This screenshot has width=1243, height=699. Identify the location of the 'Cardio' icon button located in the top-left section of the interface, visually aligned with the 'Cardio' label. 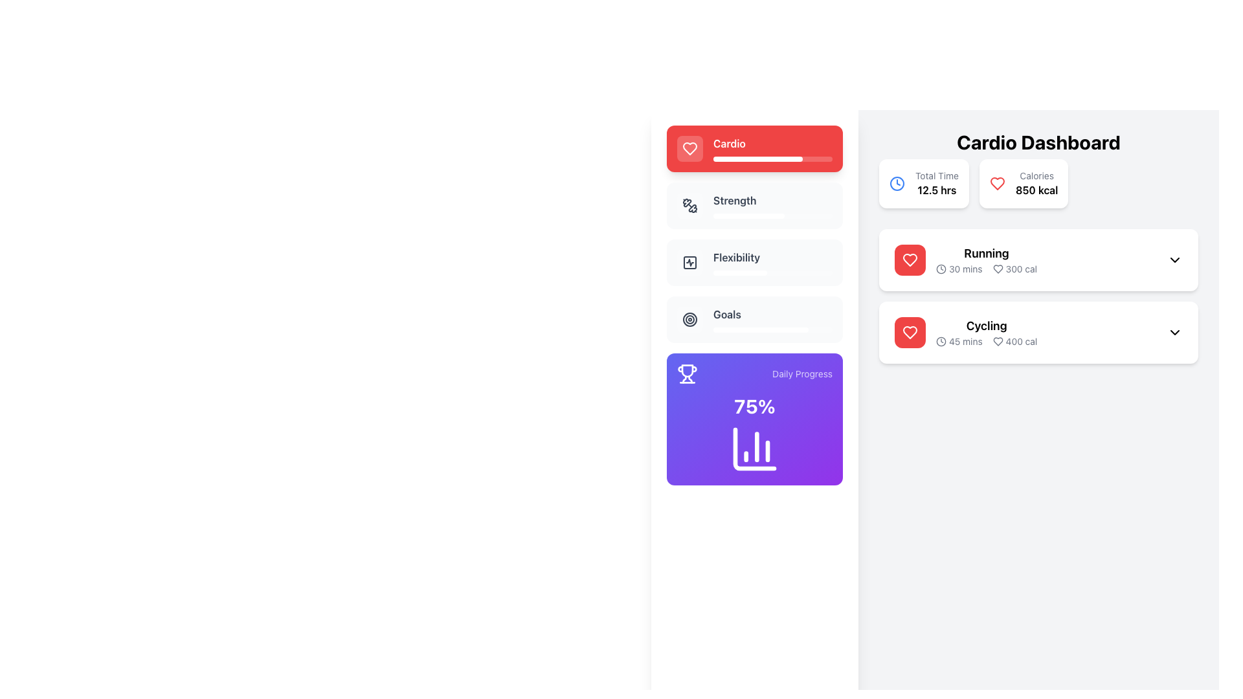
(689, 148).